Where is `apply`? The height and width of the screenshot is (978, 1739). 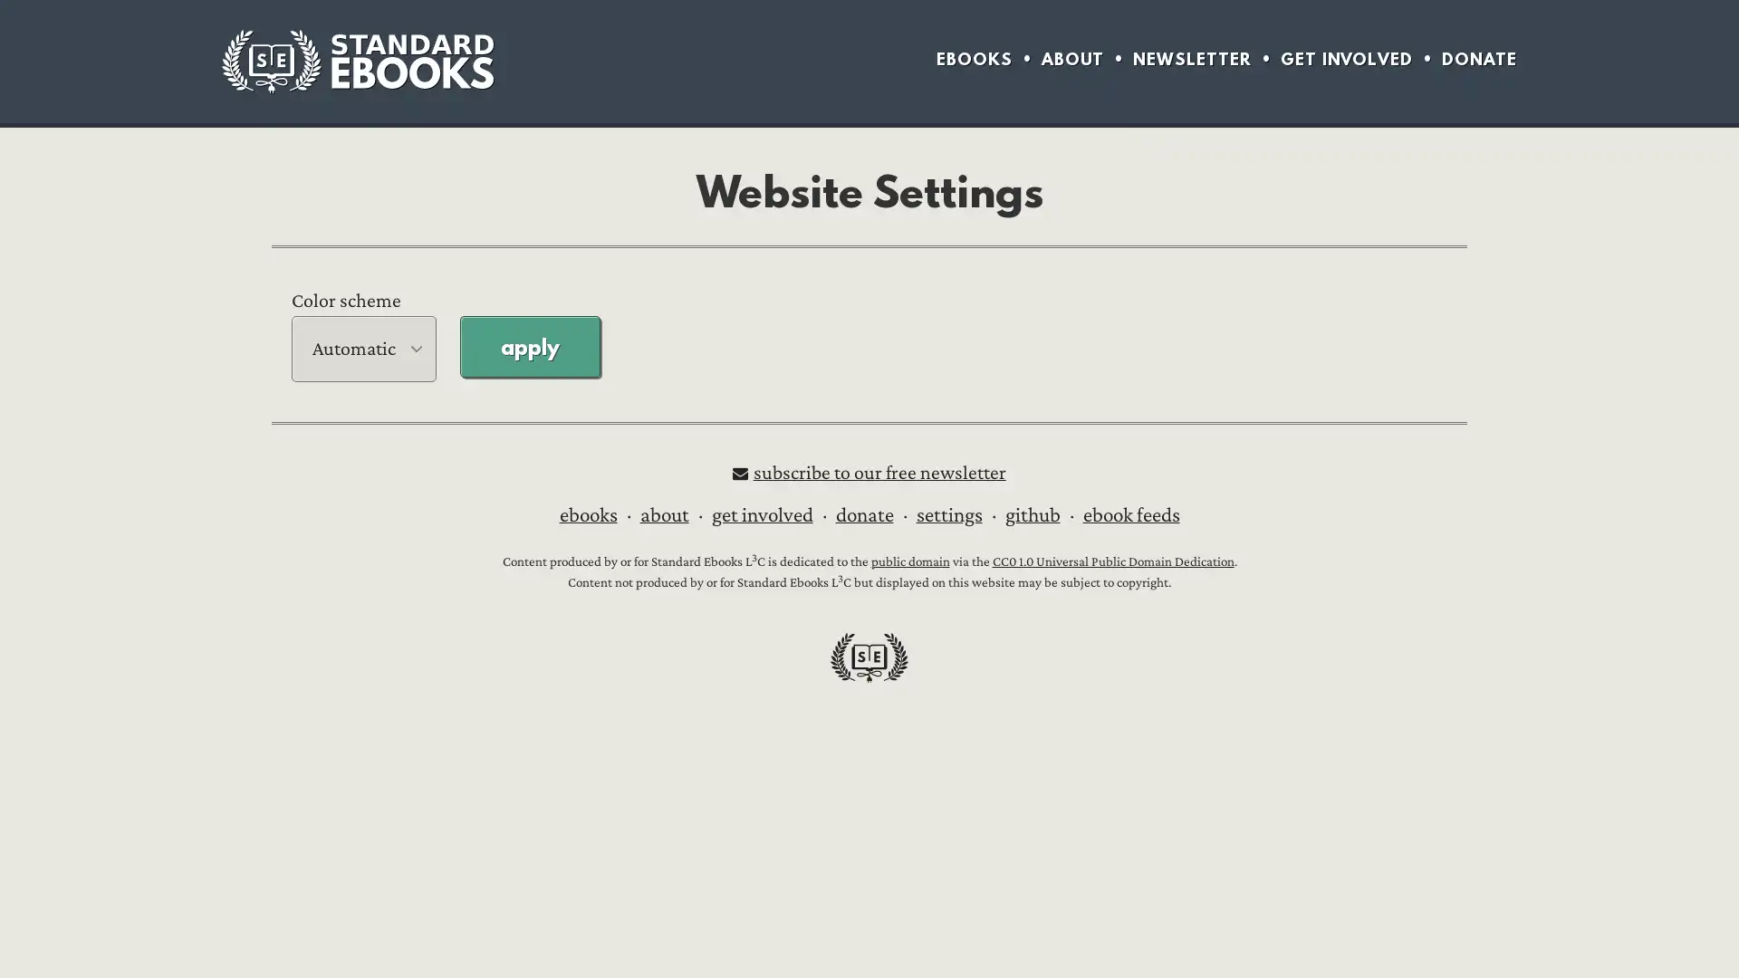 apply is located at coordinates (529, 345).